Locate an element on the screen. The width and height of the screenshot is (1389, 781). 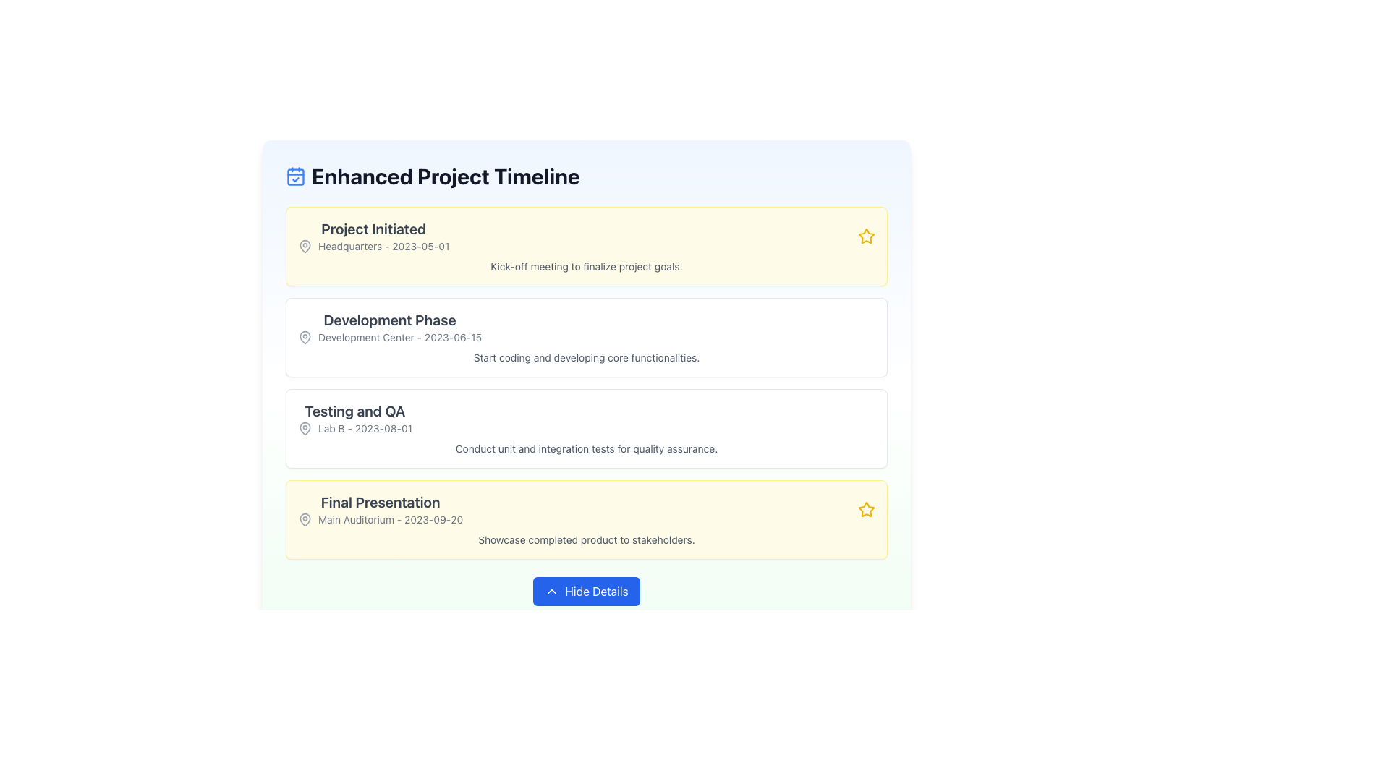
the Icon button located to the right of the 'Final Presentation' list item in the 'Enhanced Project Timeline' section is located at coordinates (867, 235).